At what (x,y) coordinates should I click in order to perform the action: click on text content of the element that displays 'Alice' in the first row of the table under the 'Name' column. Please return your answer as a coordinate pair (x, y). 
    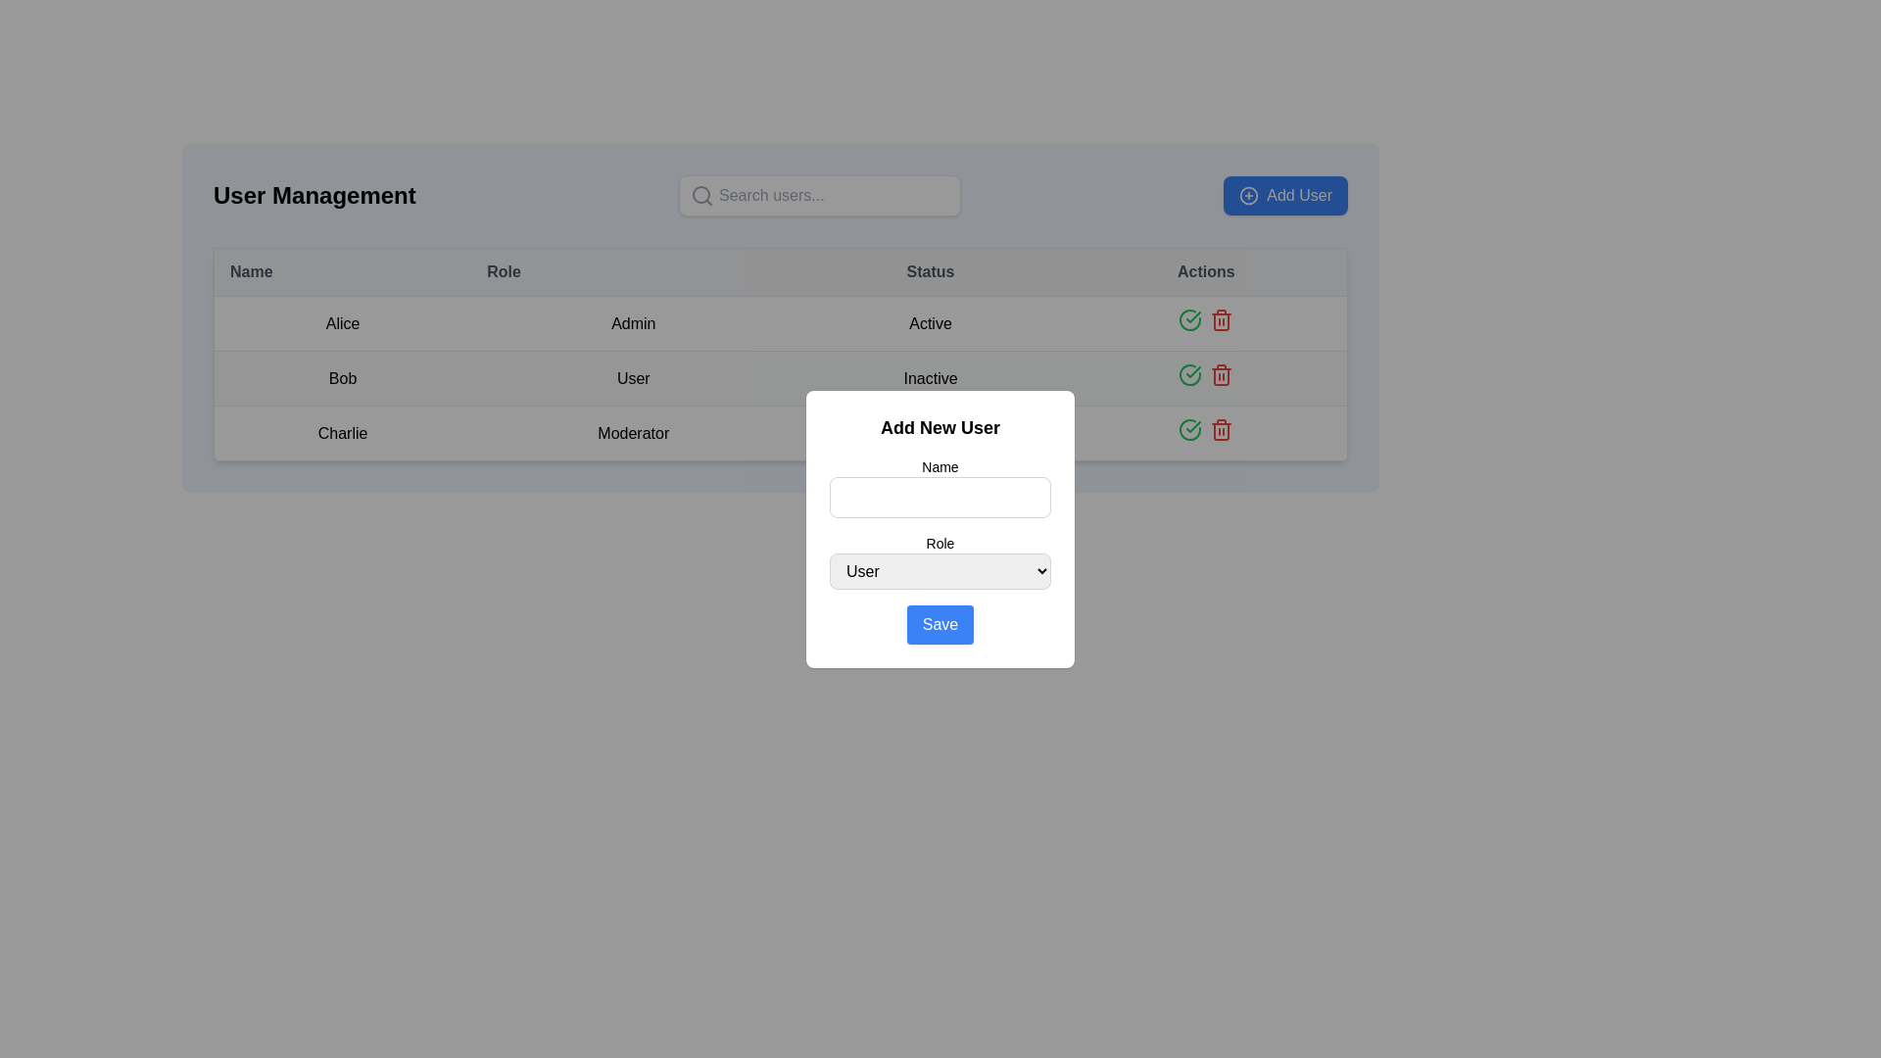
    Looking at the image, I should click on (342, 322).